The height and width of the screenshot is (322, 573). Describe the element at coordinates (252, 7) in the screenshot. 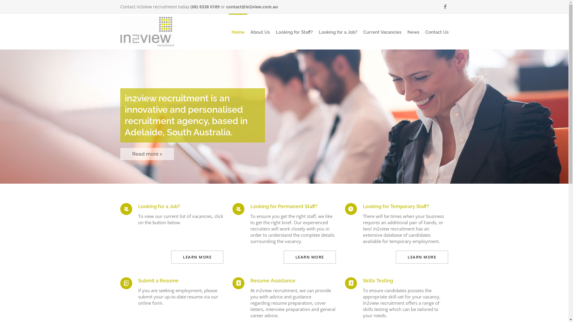

I see `'contact@in2view.com.au'` at that location.